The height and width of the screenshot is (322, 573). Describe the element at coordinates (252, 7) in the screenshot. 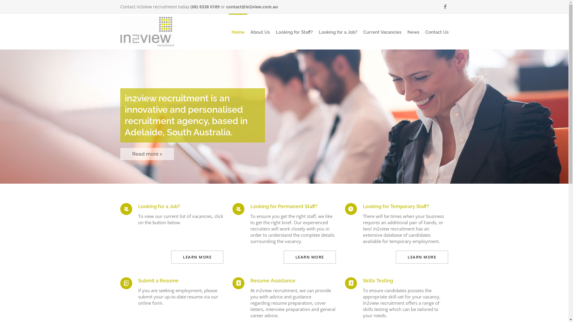

I see `'contact@in2view.com.au'` at that location.